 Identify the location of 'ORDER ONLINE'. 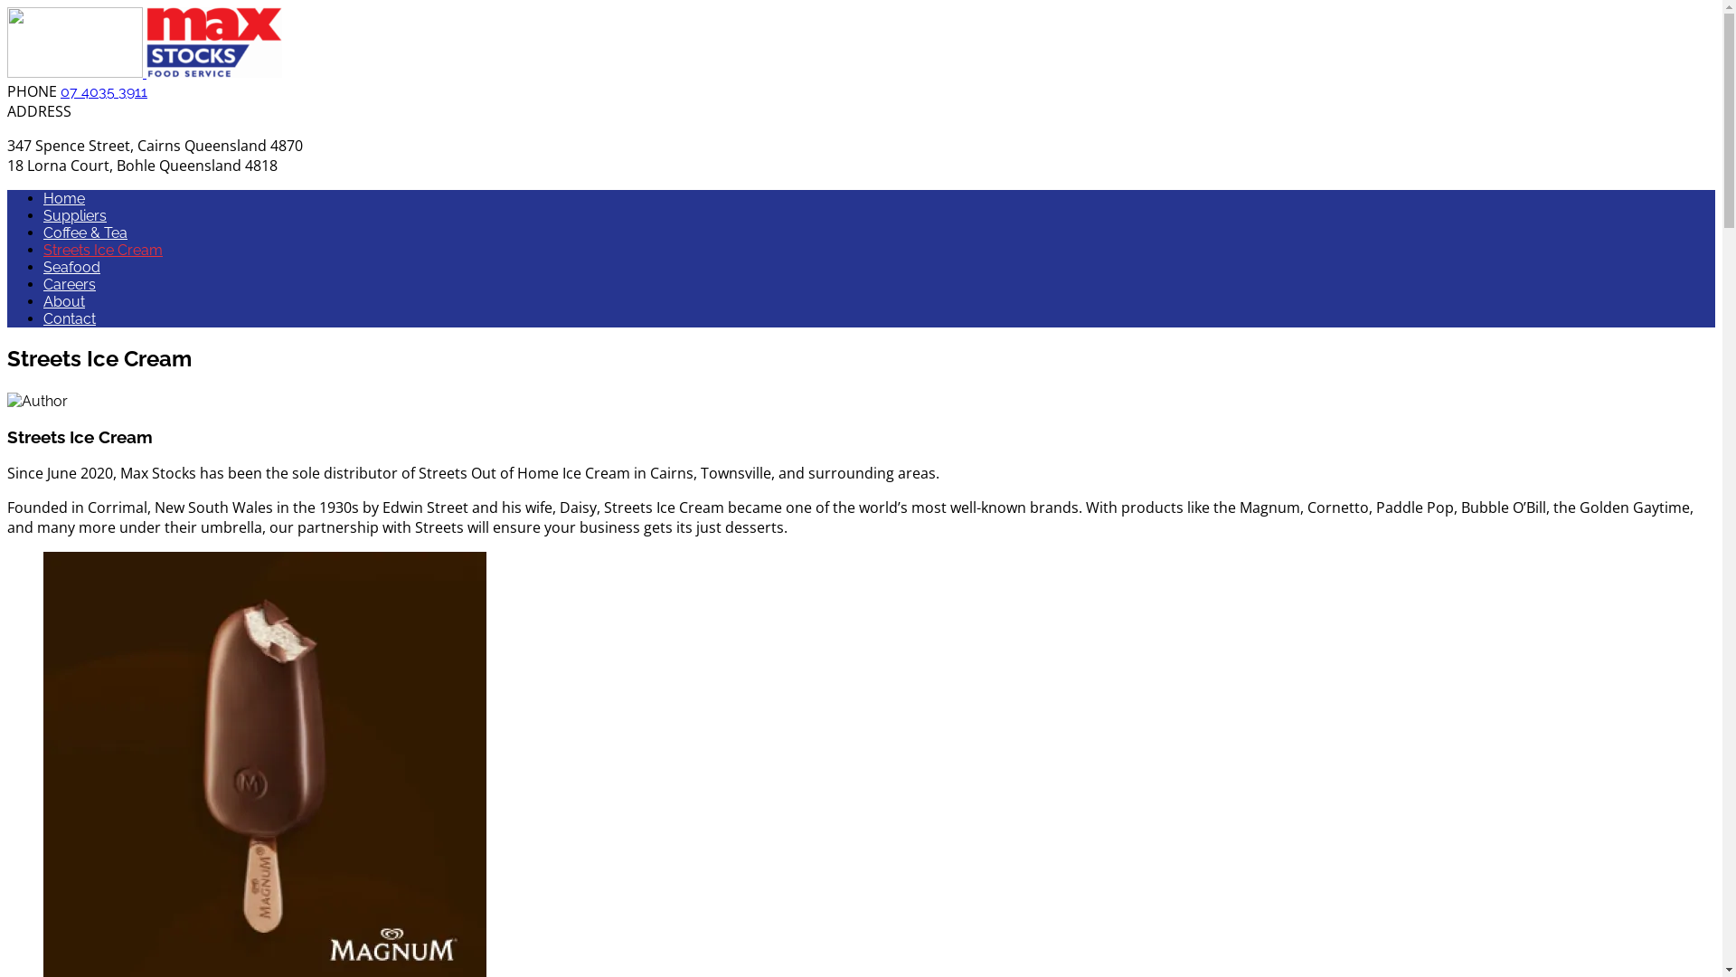
(1646, 372).